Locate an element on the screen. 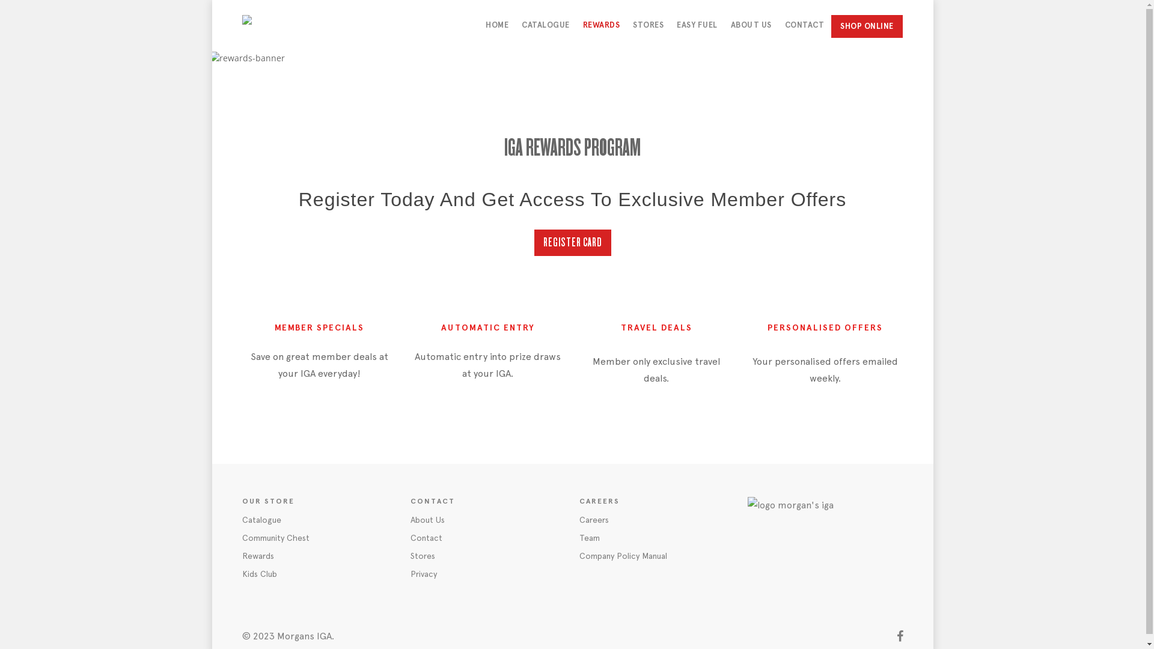  'CATALOGUE' is located at coordinates (545, 32).